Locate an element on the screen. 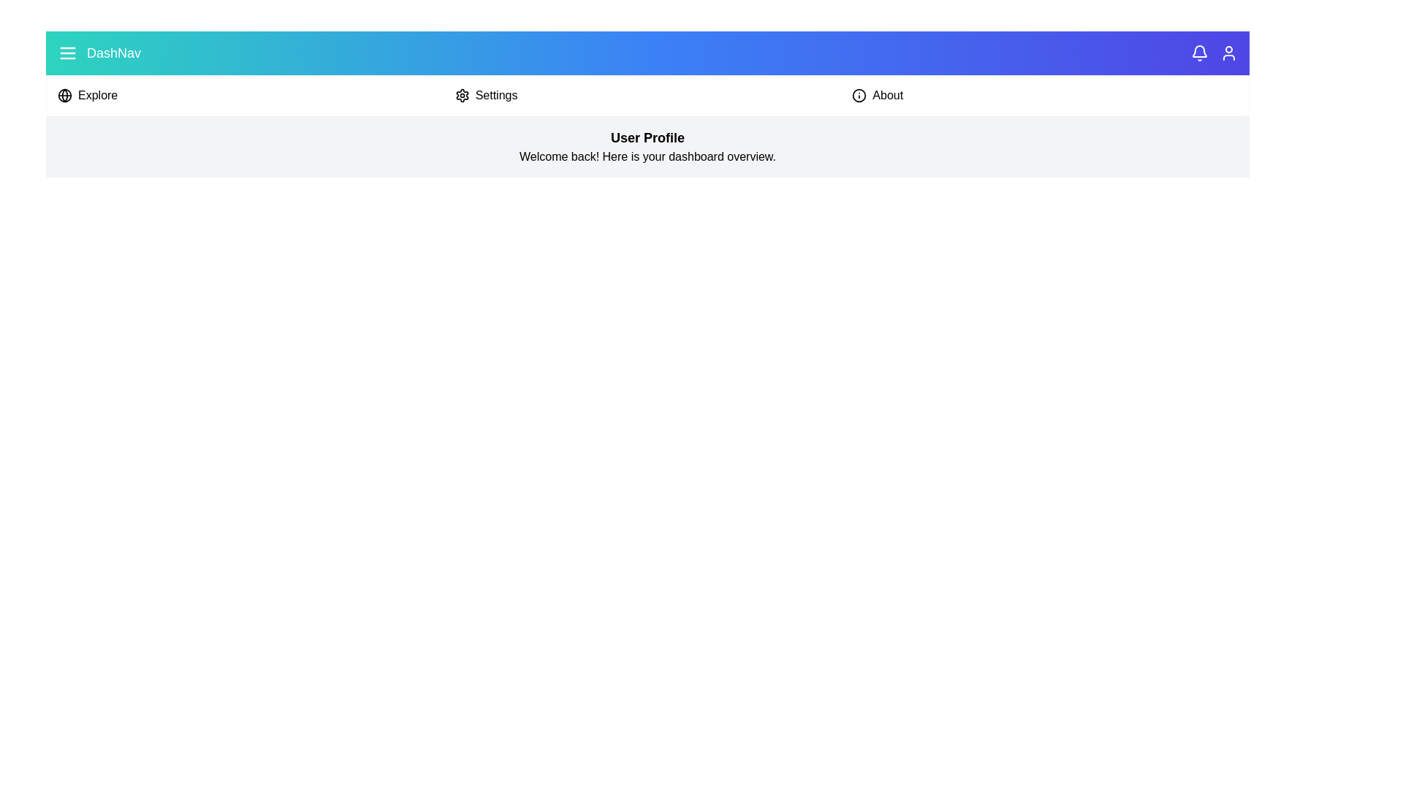 The height and width of the screenshot is (789, 1403). the user icon to toggle the user profile visibility is located at coordinates (1228, 53).